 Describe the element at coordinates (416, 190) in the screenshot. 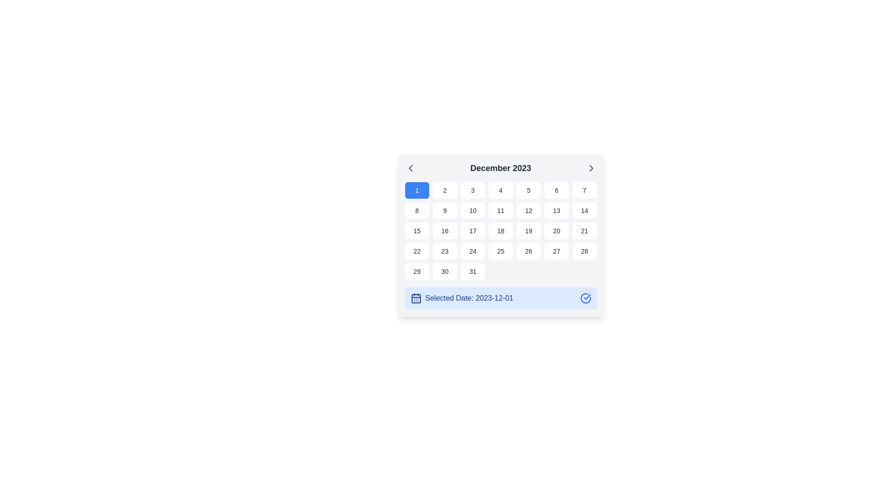

I see `the Interactive calendar day button which represents the first day of December 2023` at that location.